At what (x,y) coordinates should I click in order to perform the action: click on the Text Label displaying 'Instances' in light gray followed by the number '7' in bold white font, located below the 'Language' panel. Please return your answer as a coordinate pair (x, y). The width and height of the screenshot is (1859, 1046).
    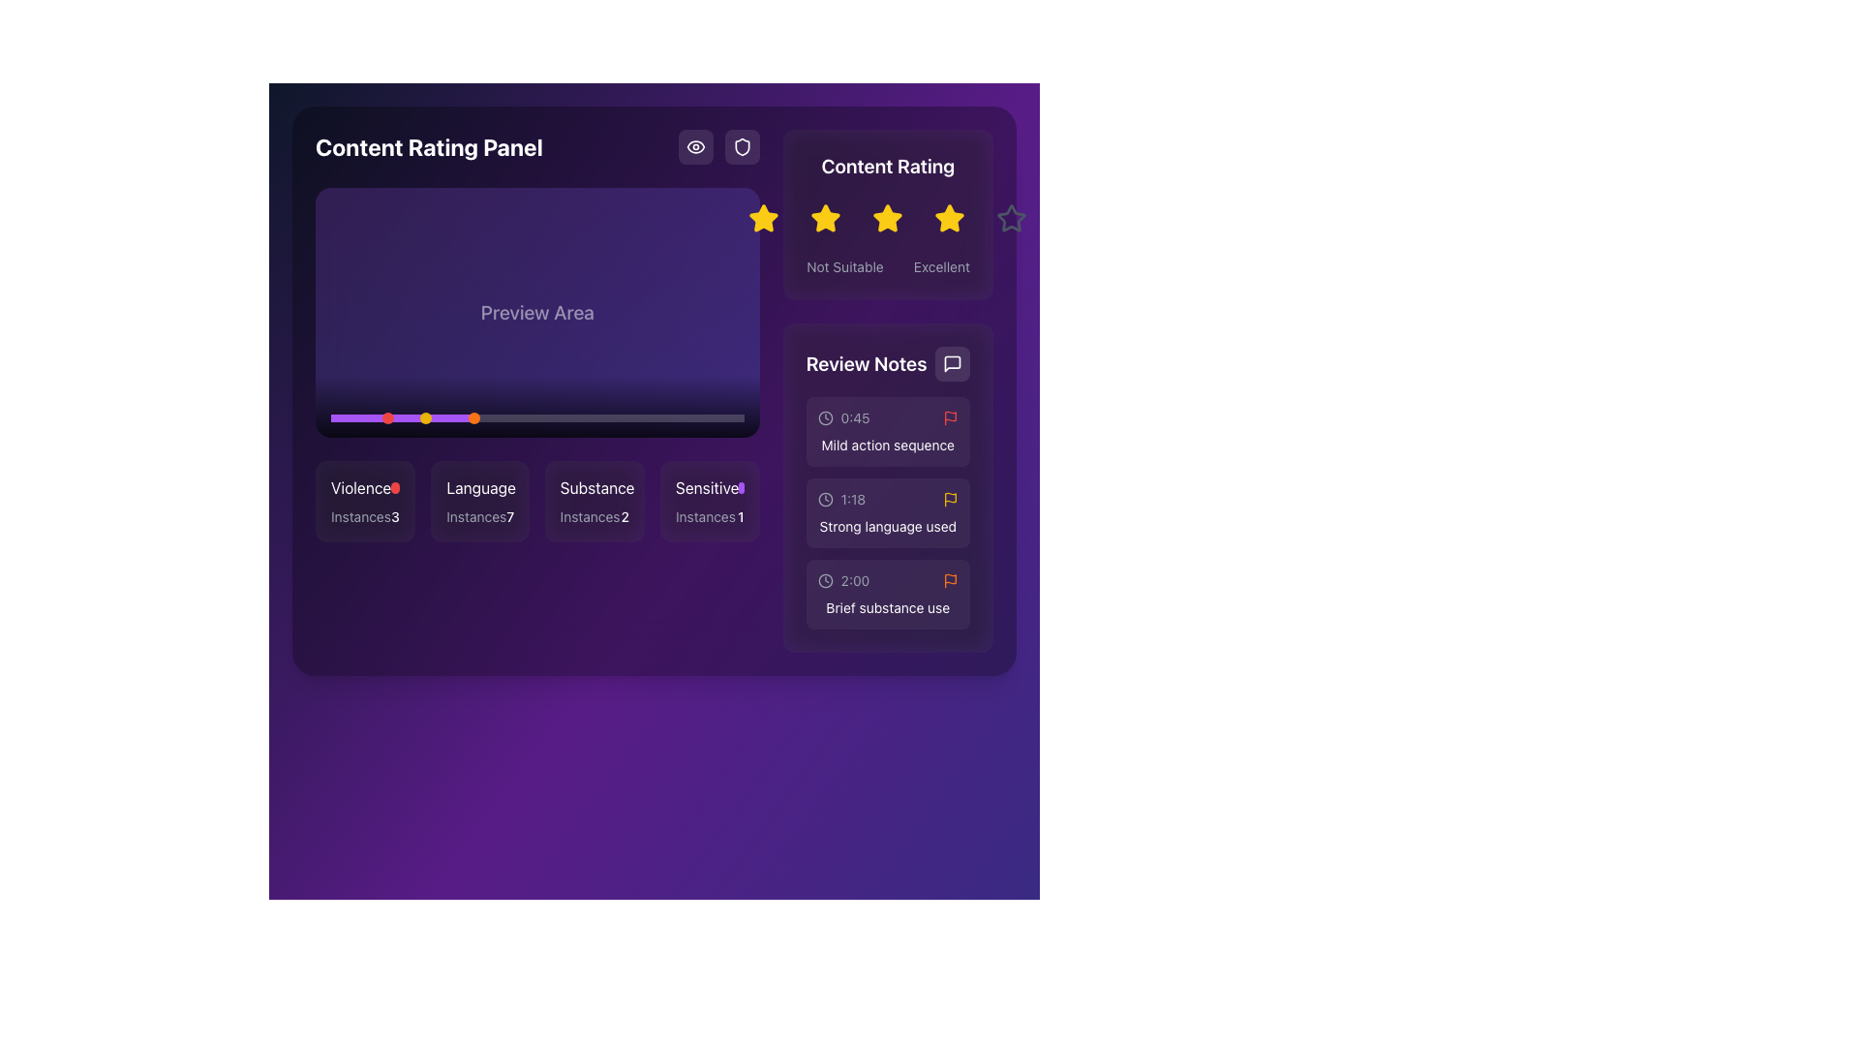
    Looking at the image, I should click on (479, 515).